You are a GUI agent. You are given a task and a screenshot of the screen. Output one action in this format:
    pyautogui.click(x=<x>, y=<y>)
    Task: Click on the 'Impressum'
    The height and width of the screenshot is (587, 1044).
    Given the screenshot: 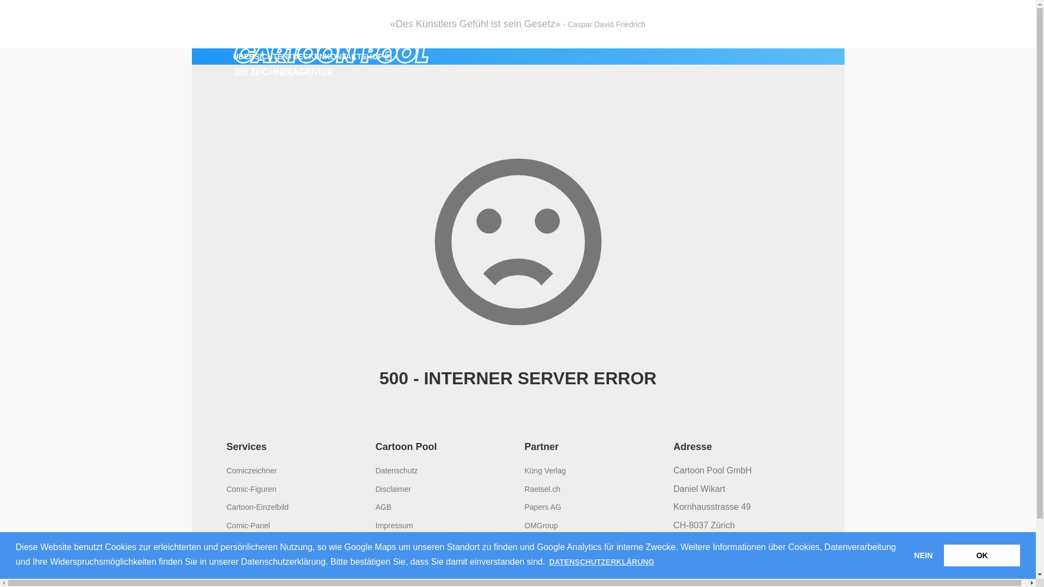 What is the action you would take?
    pyautogui.click(x=393, y=525)
    